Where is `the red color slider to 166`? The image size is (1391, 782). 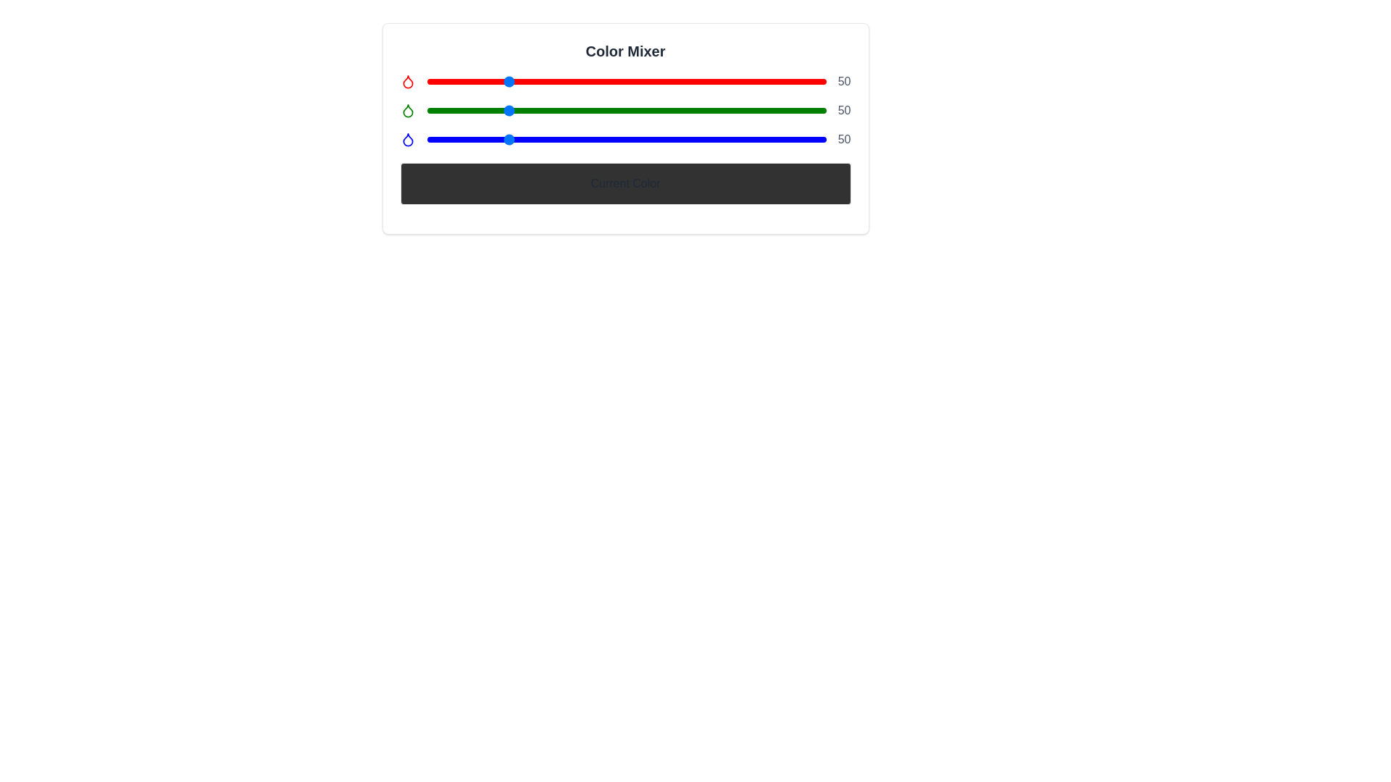 the red color slider to 166 is located at coordinates (686, 81).